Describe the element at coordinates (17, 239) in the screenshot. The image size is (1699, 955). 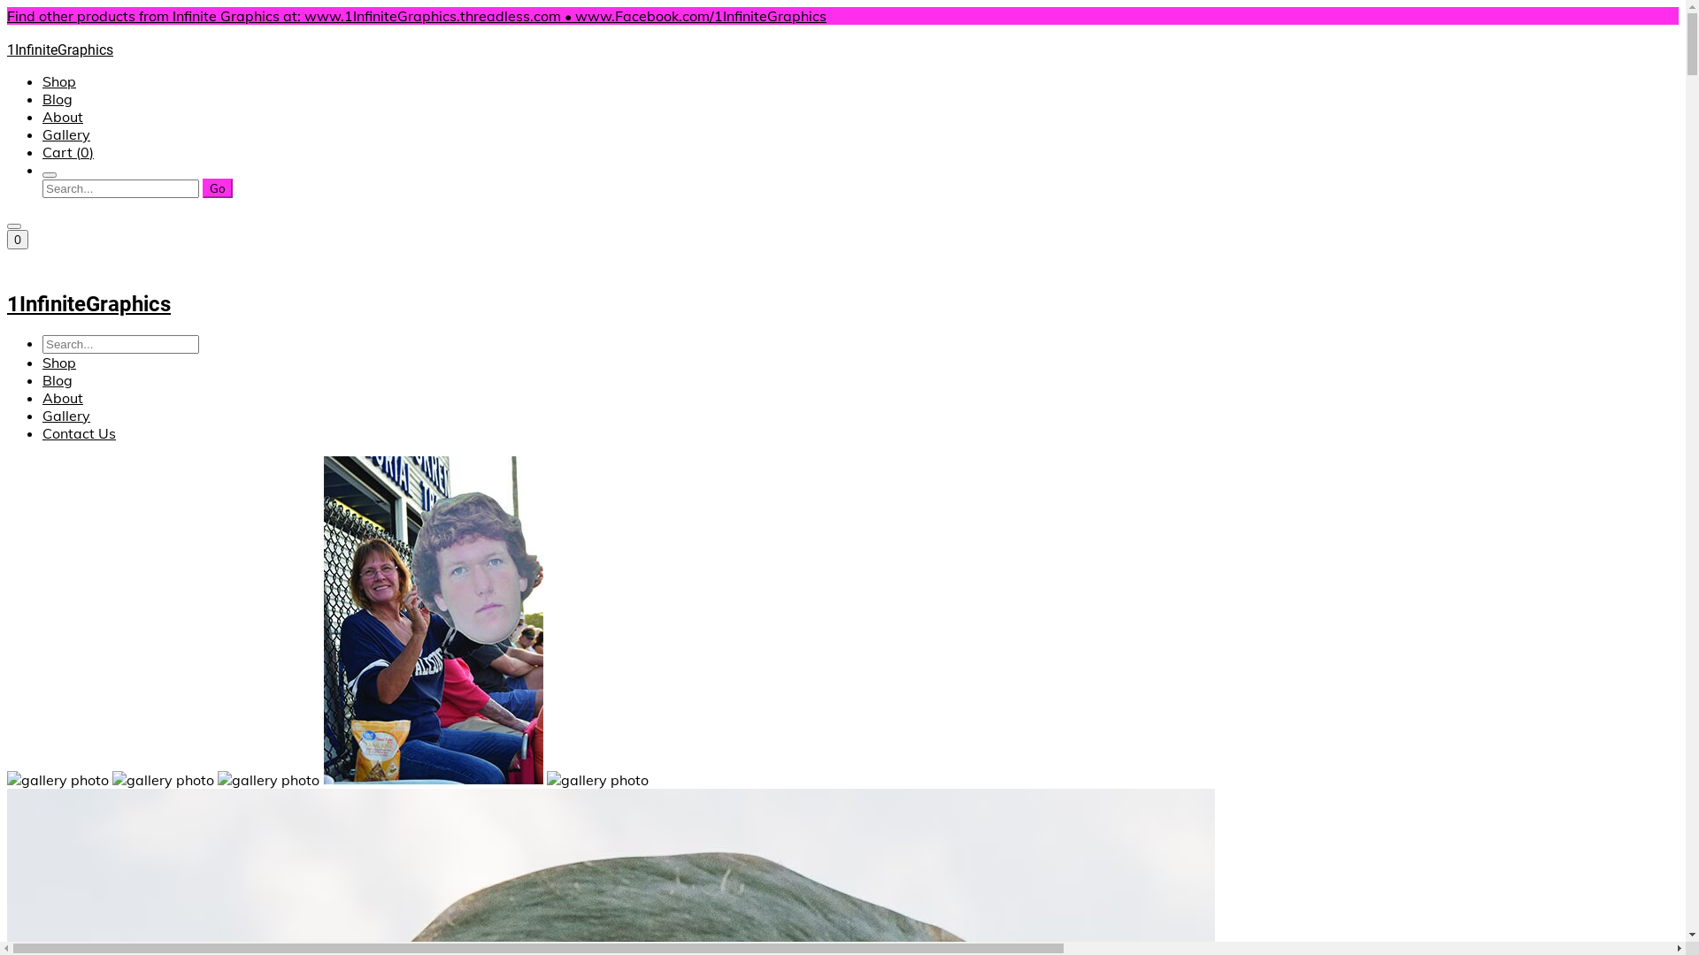
I see `'0'` at that location.